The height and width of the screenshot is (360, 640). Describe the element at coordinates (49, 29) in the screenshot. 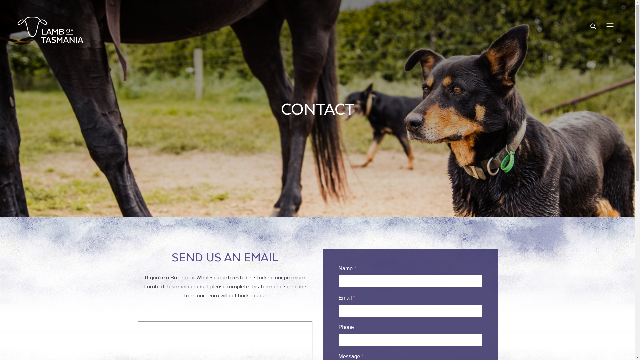

I see `'Lamb of Tasmania` at that location.